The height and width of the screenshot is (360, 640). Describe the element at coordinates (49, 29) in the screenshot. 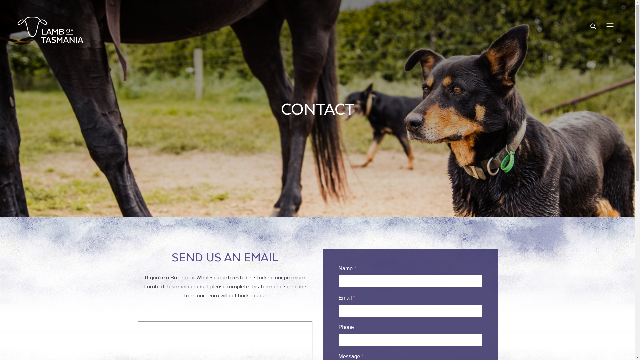

I see `'Lamb of Tasmania` at that location.